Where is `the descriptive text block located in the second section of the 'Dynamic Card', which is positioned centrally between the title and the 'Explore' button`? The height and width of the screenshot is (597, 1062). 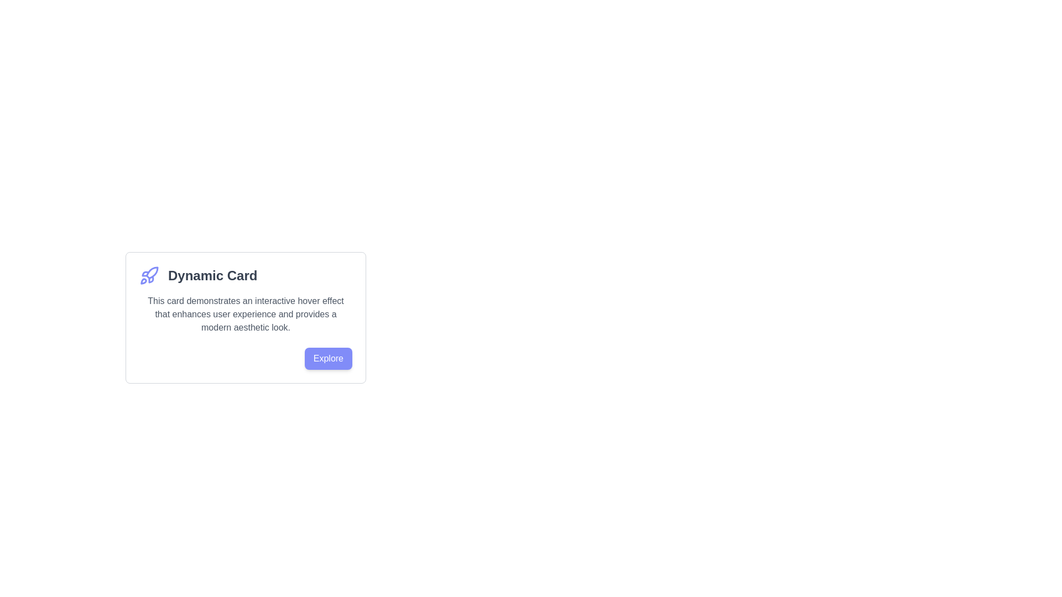
the descriptive text block located in the second section of the 'Dynamic Card', which is positioned centrally between the title and the 'Explore' button is located at coordinates (245, 315).